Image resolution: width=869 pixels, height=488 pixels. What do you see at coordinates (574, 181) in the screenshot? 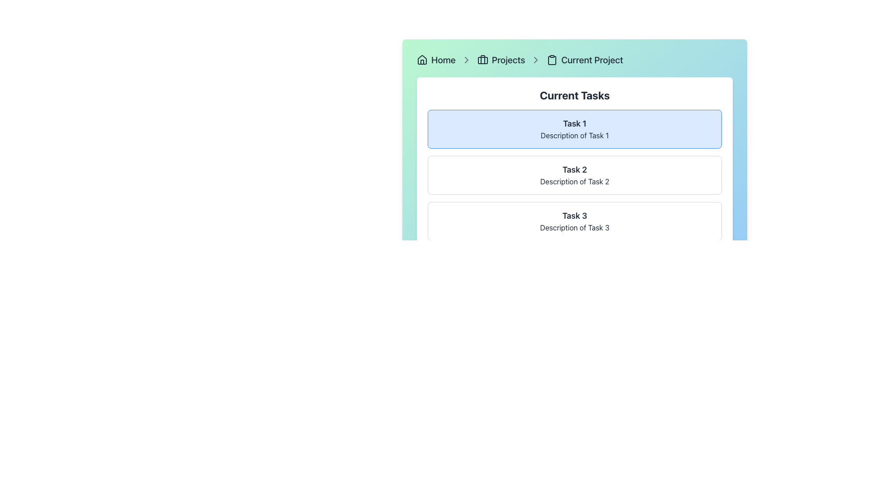
I see `the text label that reads 'Description of Task 2', which is positioned below the title 'Task 2' in the second card of a vertical list` at bounding box center [574, 181].